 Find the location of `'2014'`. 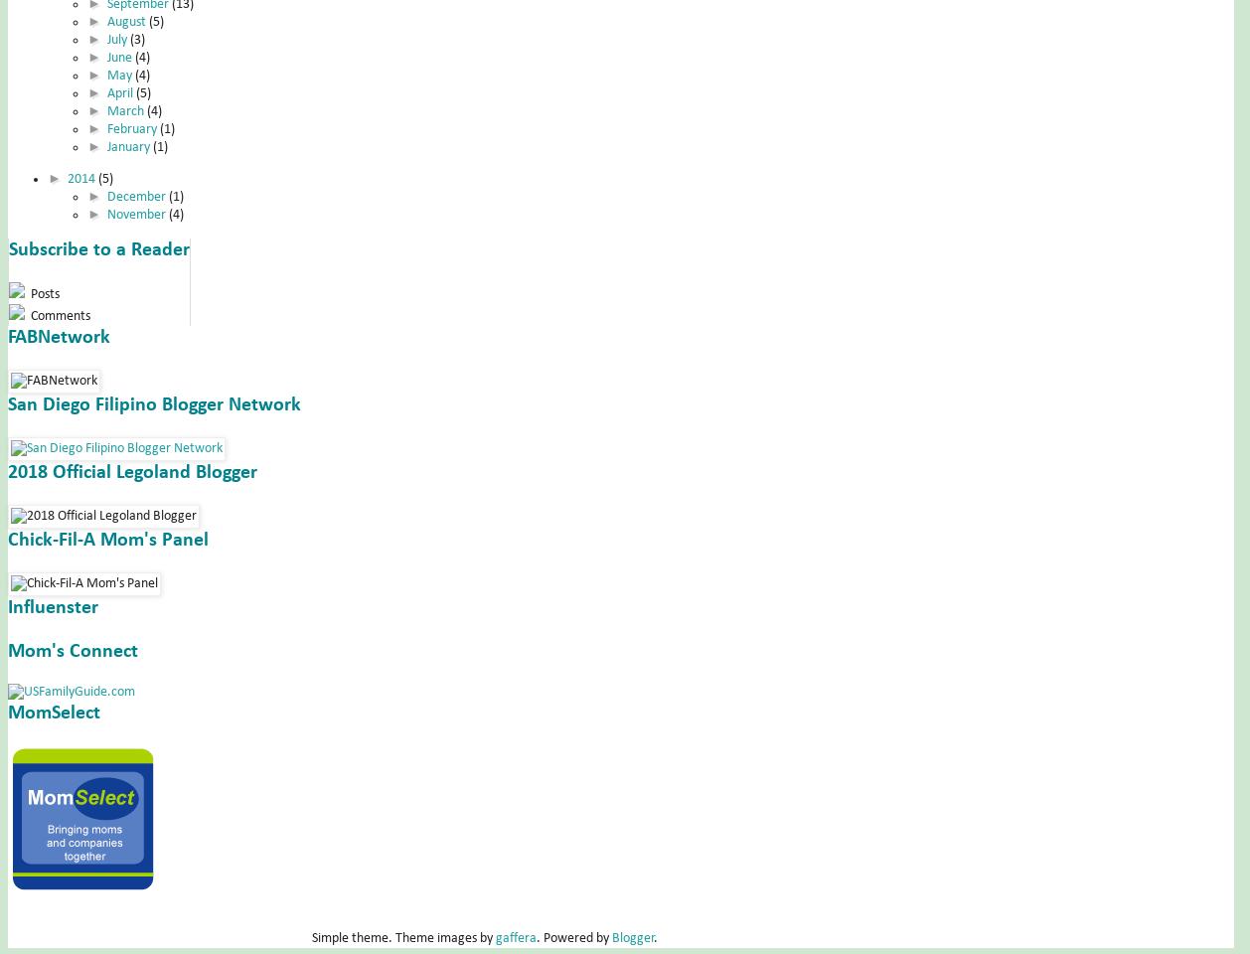

'2014' is located at coordinates (81, 177).